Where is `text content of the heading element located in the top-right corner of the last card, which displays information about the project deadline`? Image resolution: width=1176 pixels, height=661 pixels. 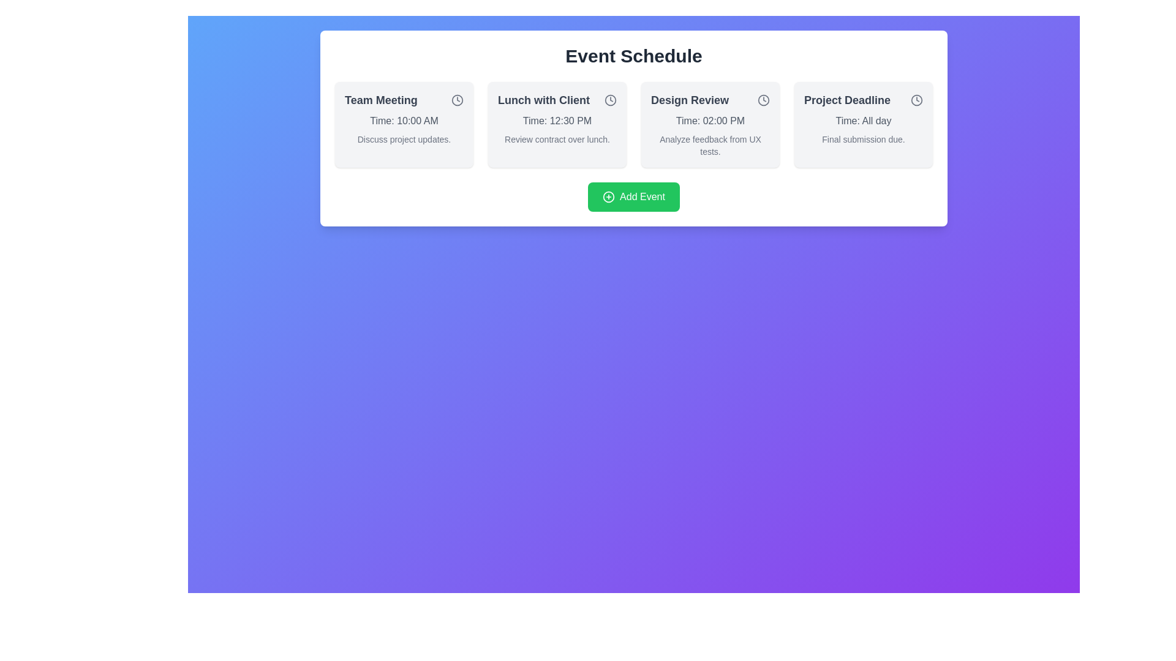
text content of the heading element located in the top-right corner of the last card, which displays information about the project deadline is located at coordinates (863, 100).